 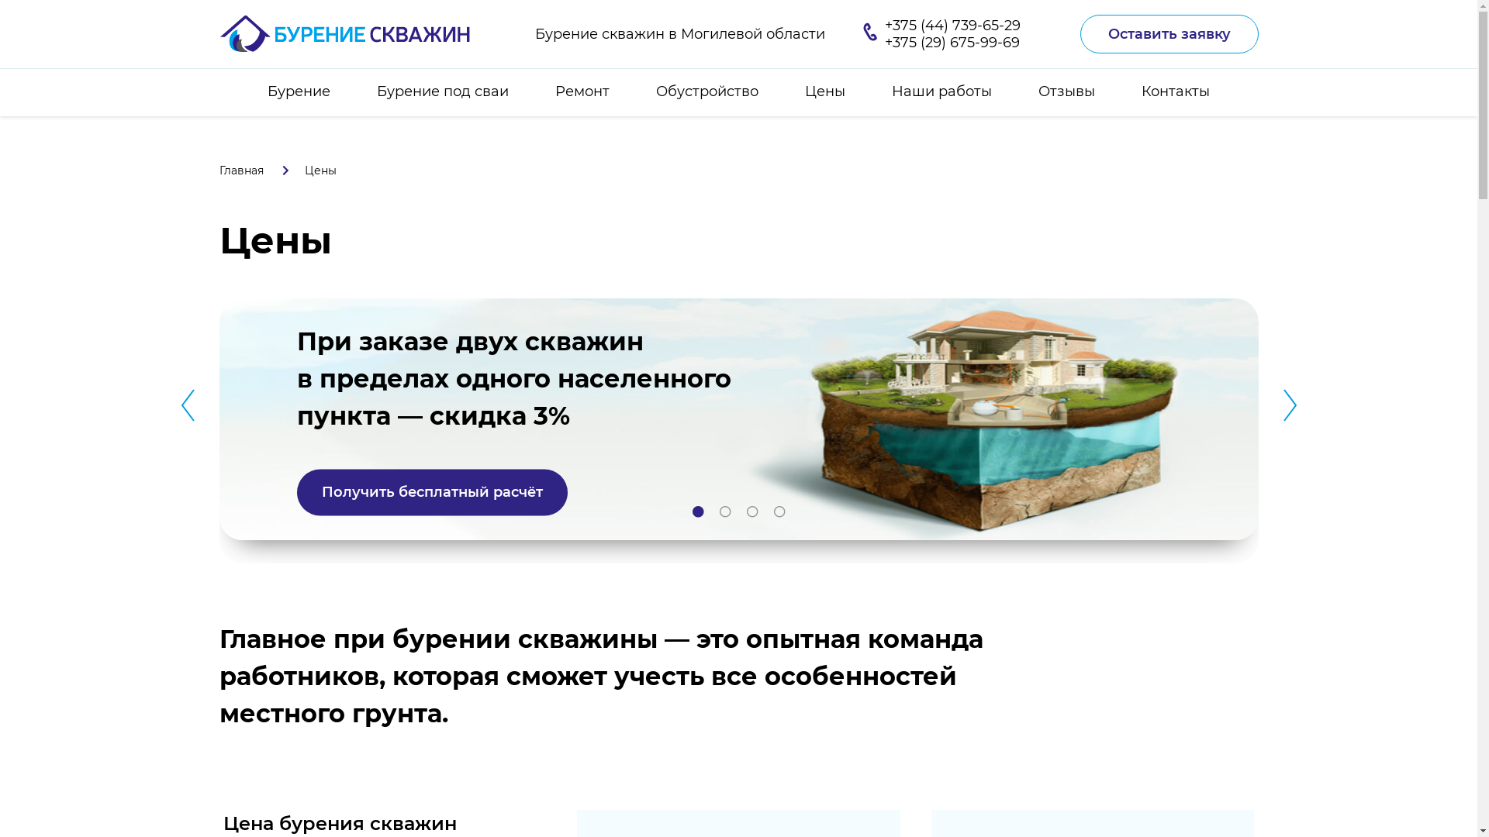 I want to click on '1', so click(x=697, y=511).